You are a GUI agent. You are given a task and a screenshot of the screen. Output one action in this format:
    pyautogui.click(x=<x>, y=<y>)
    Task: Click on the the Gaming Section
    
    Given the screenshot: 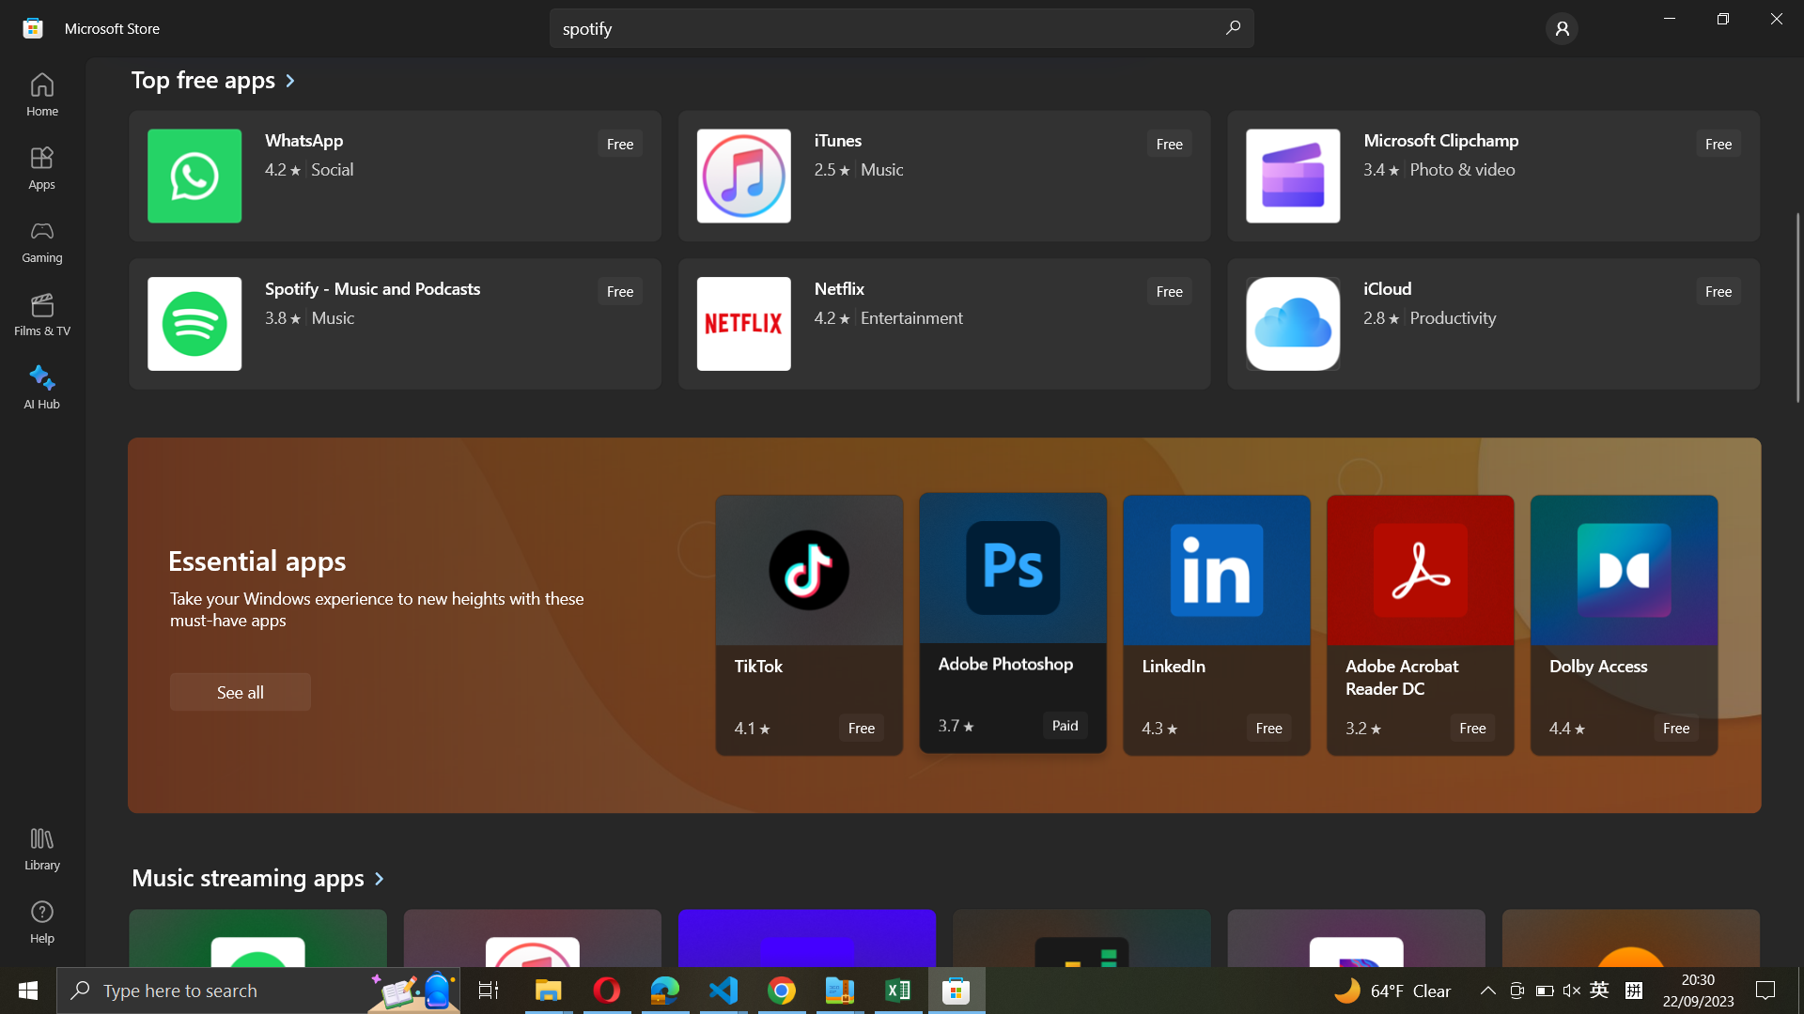 What is the action you would take?
    pyautogui.click(x=43, y=241)
    